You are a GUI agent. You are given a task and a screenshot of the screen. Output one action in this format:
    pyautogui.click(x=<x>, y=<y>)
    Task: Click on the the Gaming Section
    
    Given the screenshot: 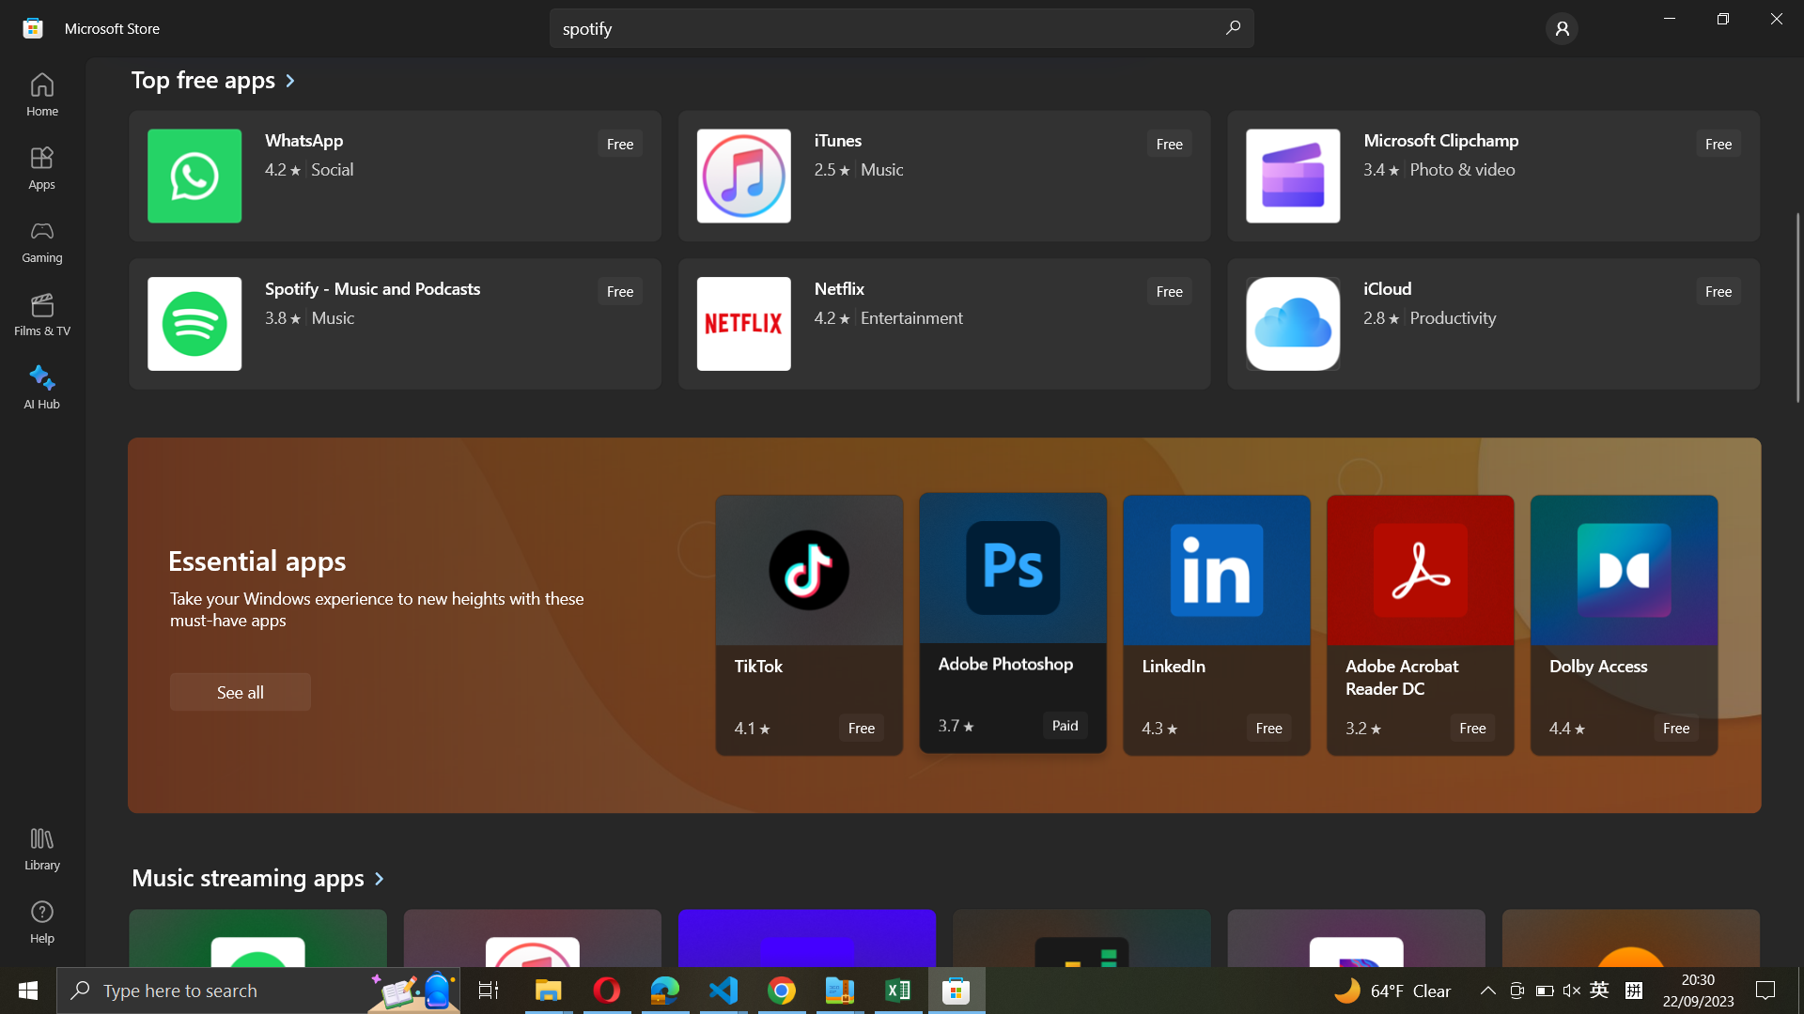 What is the action you would take?
    pyautogui.click(x=43, y=241)
    